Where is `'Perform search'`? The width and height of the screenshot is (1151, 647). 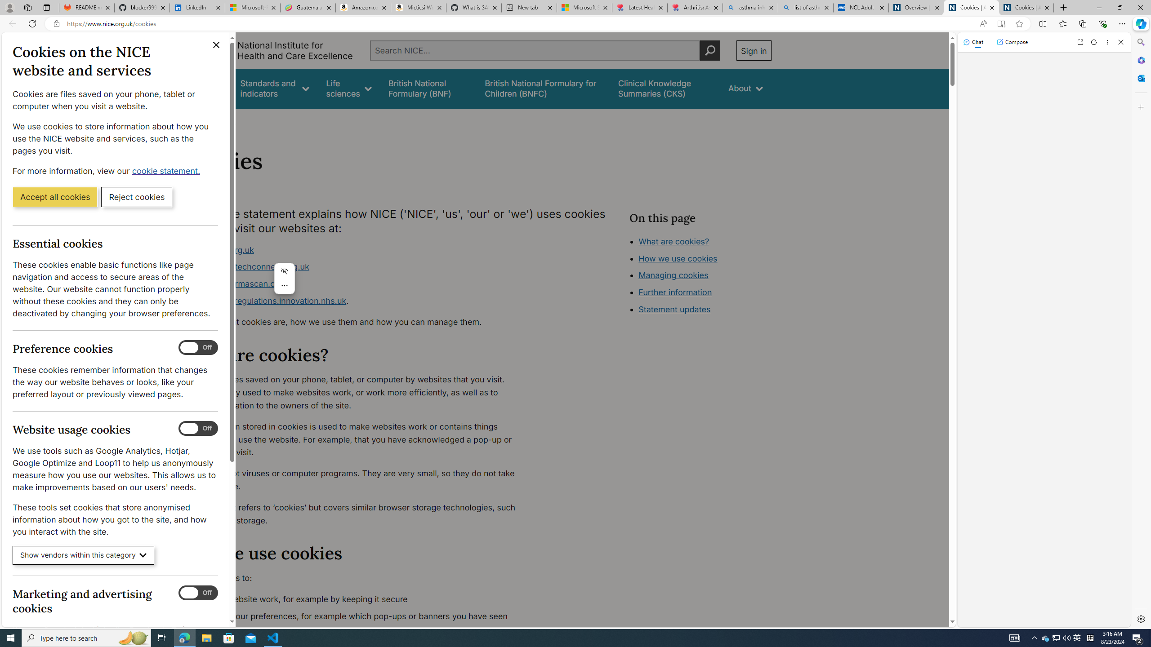
'Perform search' is located at coordinates (709, 50).